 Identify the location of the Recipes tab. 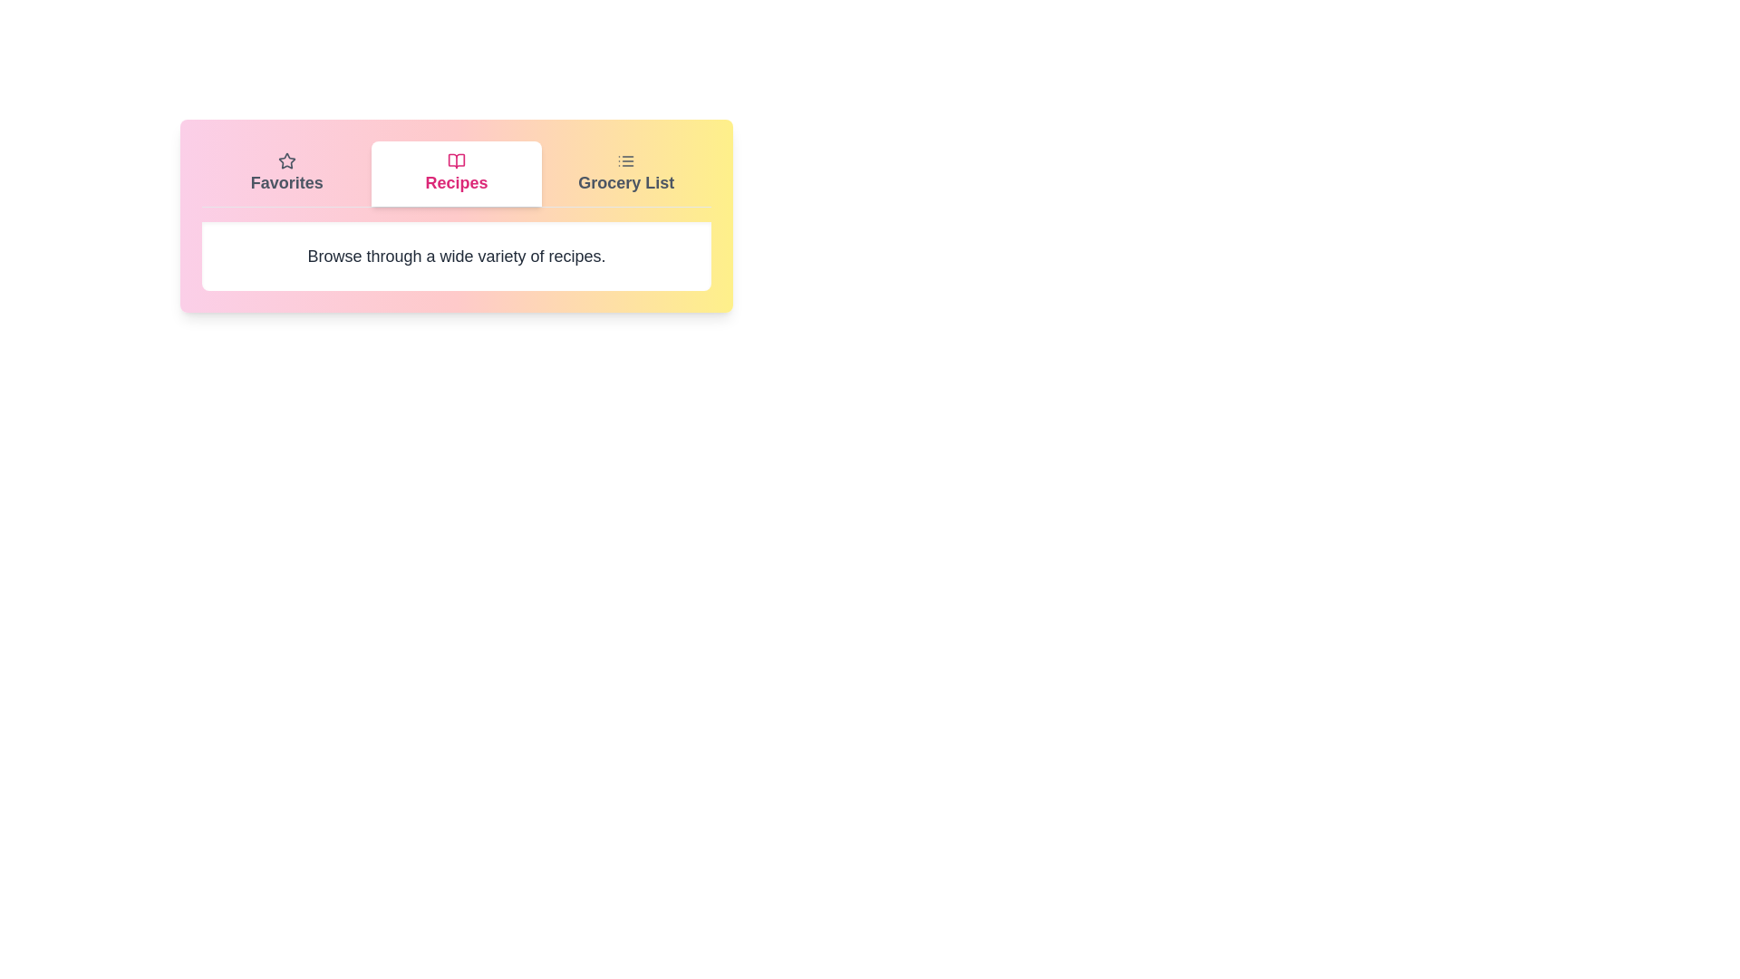
(457, 174).